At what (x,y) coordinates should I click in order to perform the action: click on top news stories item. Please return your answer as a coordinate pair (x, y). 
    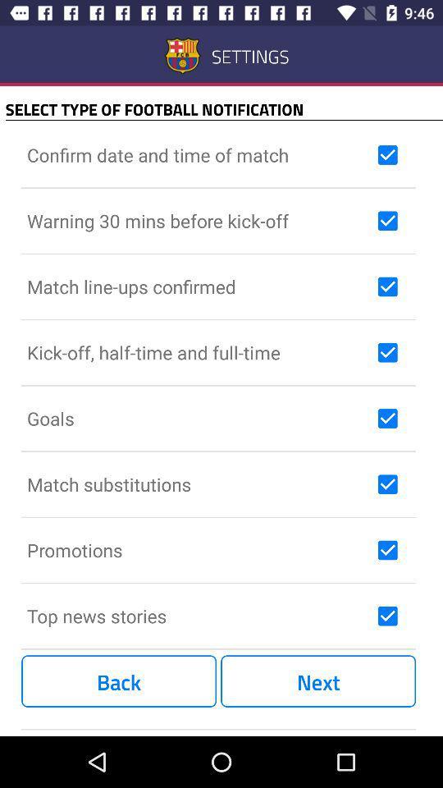
    Looking at the image, I should click on (199, 615).